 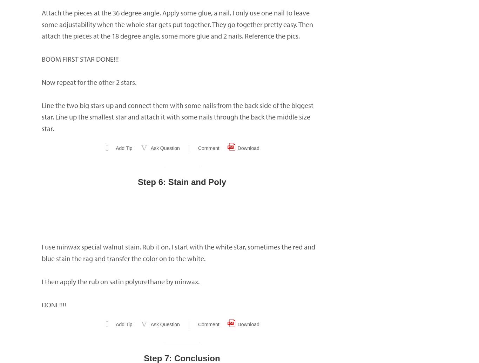 What do you see at coordinates (41, 59) in the screenshot?
I see `'BOOM FIRST STAR DONE!!!'` at bounding box center [41, 59].